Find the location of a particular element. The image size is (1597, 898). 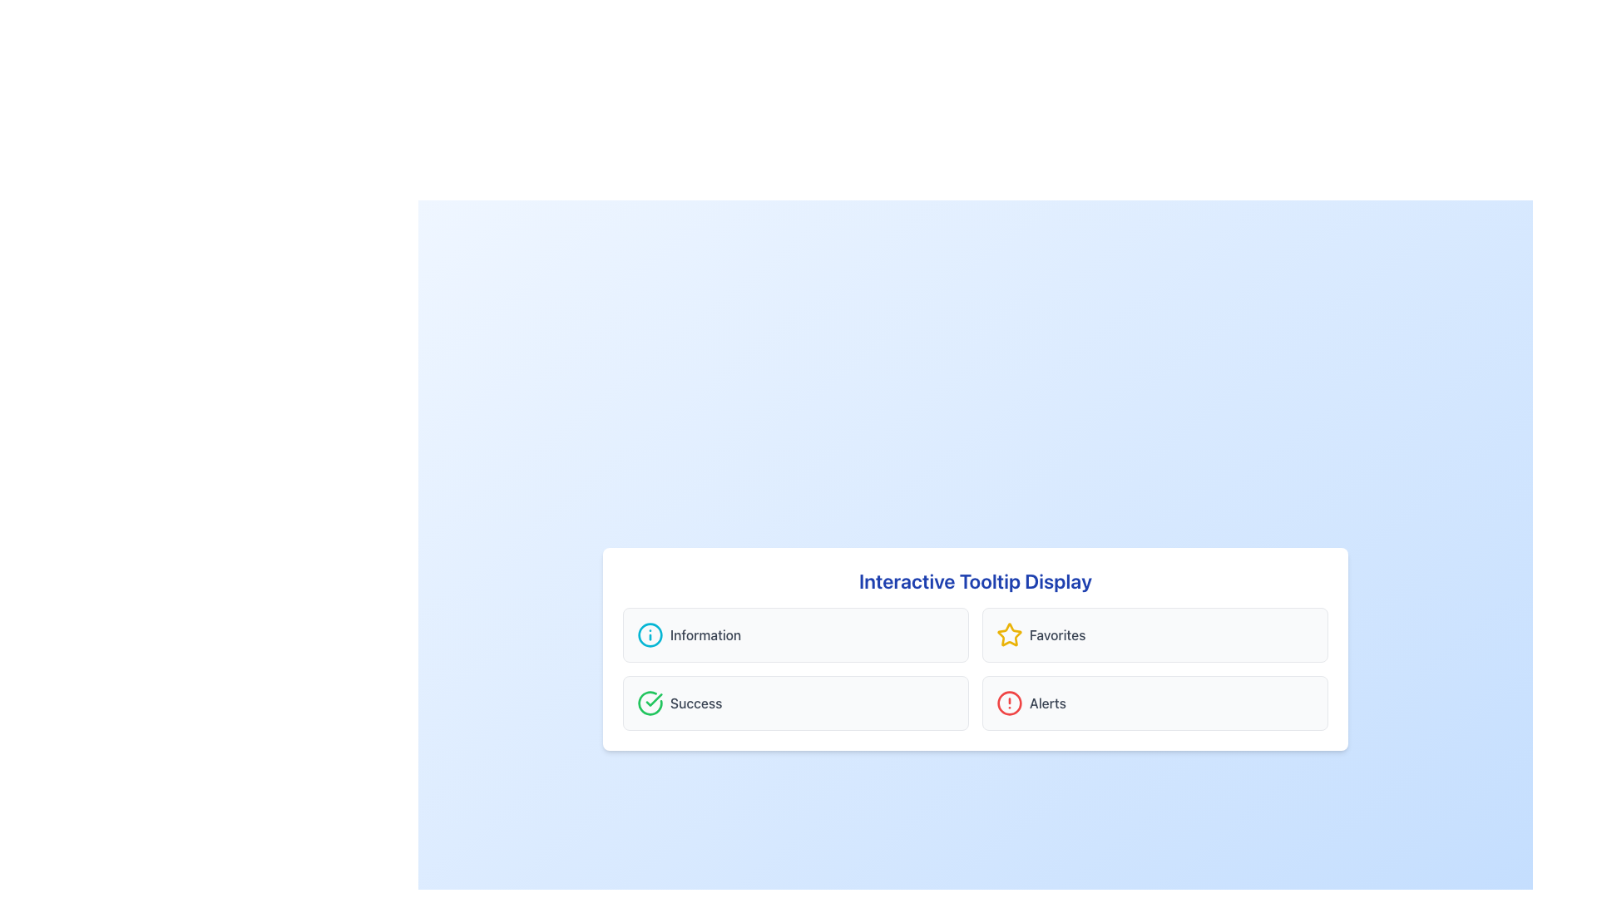

the alert-related card located in the second column of the lower row of the 2x2 grid is located at coordinates (1154, 703).